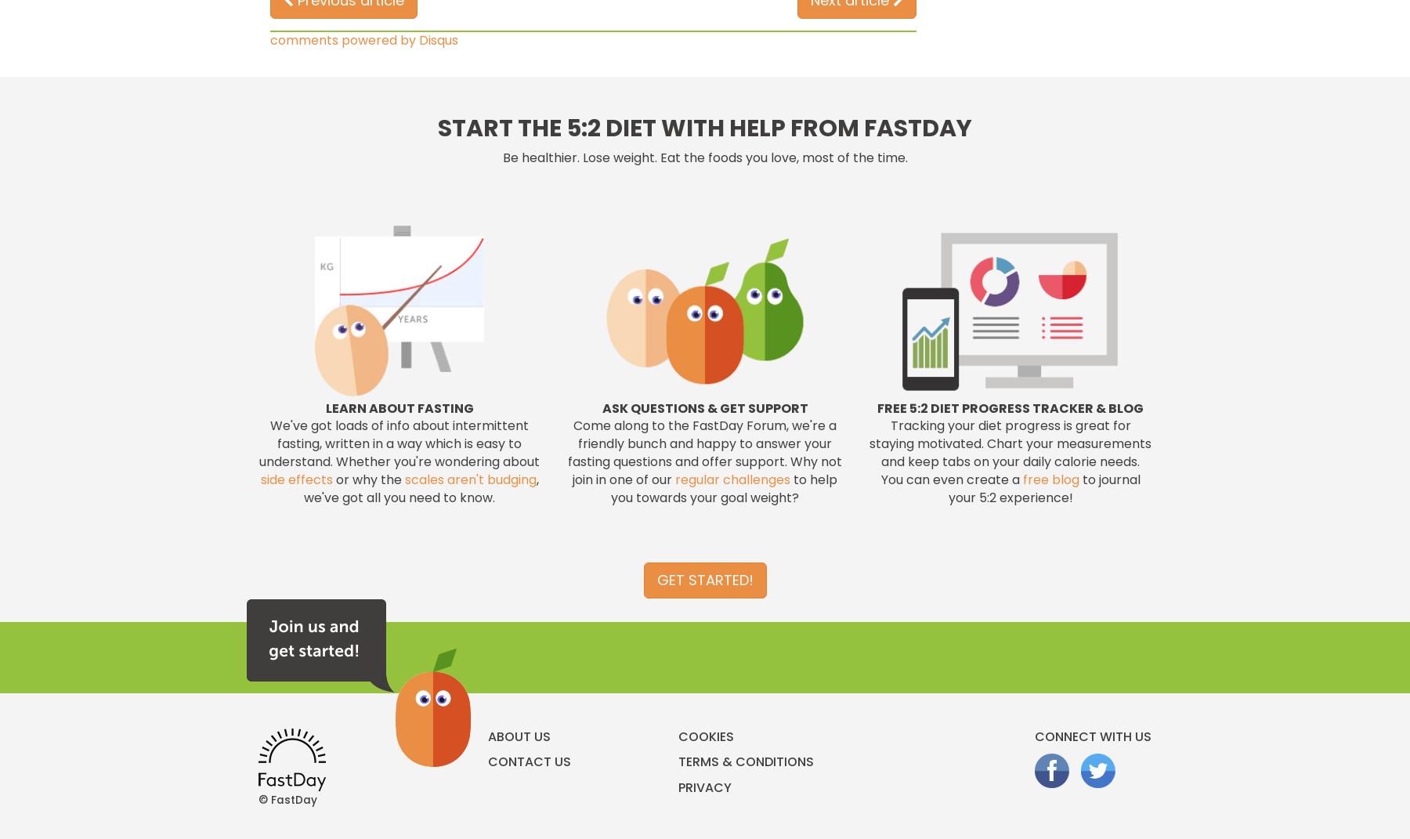 The height and width of the screenshot is (839, 1410). Describe the element at coordinates (270, 38) in the screenshot. I see `'comments powered by'` at that location.